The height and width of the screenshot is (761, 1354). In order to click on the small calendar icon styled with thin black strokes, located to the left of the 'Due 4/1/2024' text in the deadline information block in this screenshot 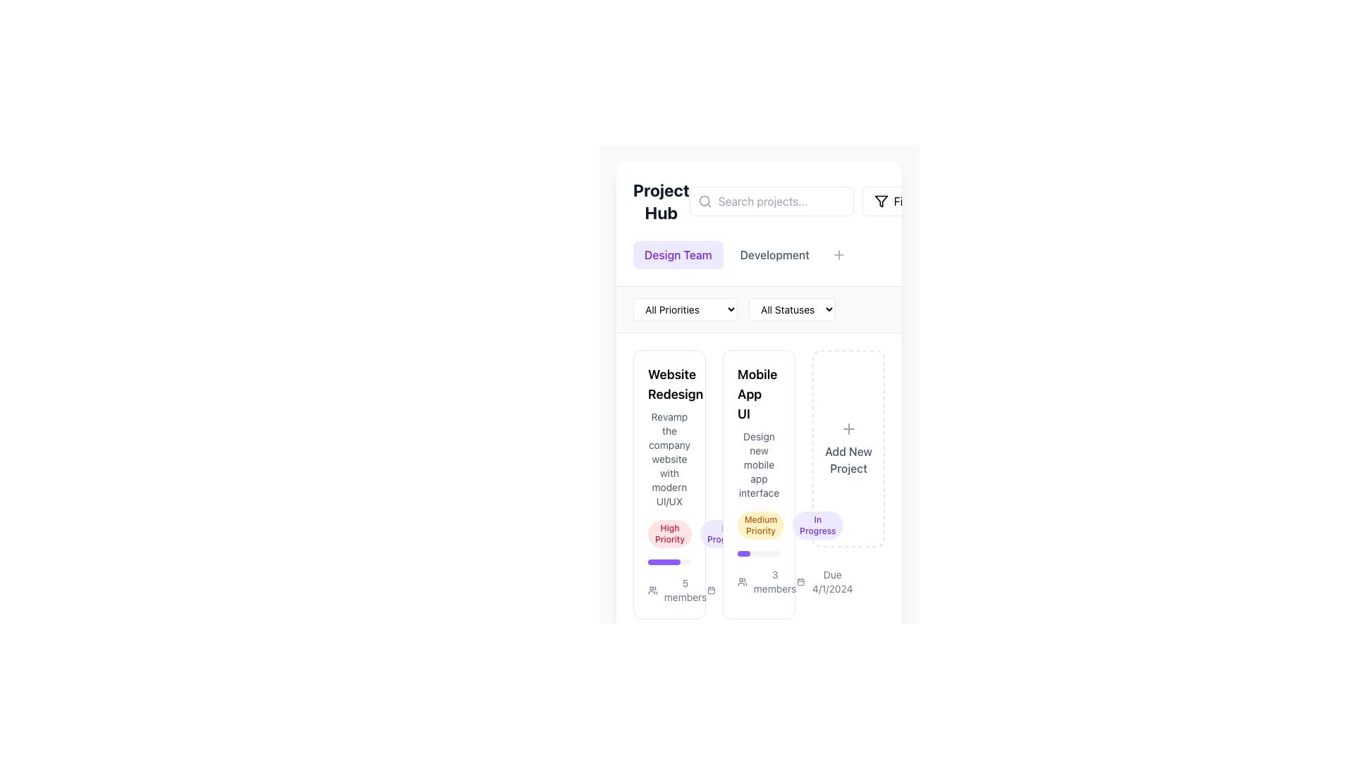, I will do `click(801, 581)`.